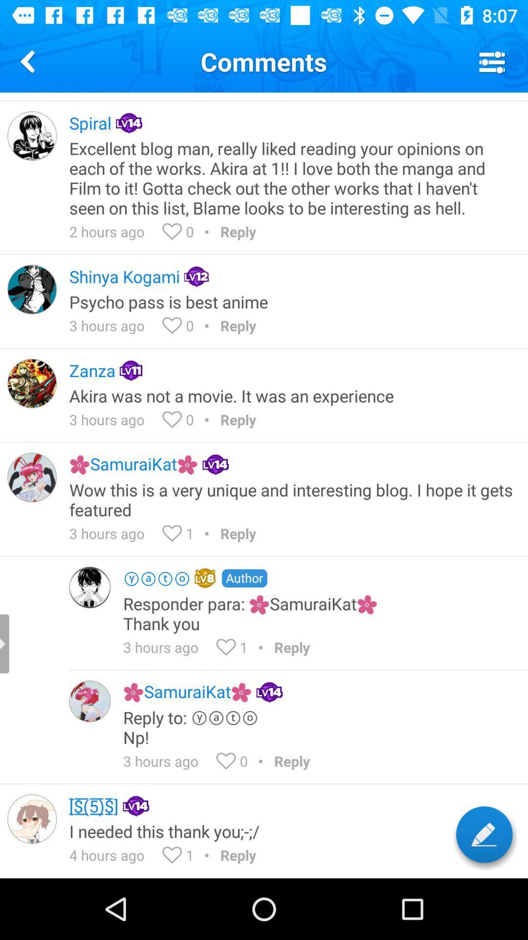 The width and height of the screenshot is (528, 940). Describe the element at coordinates (291, 499) in the screenshot. I see `icon above 3 hours ago` at that location.